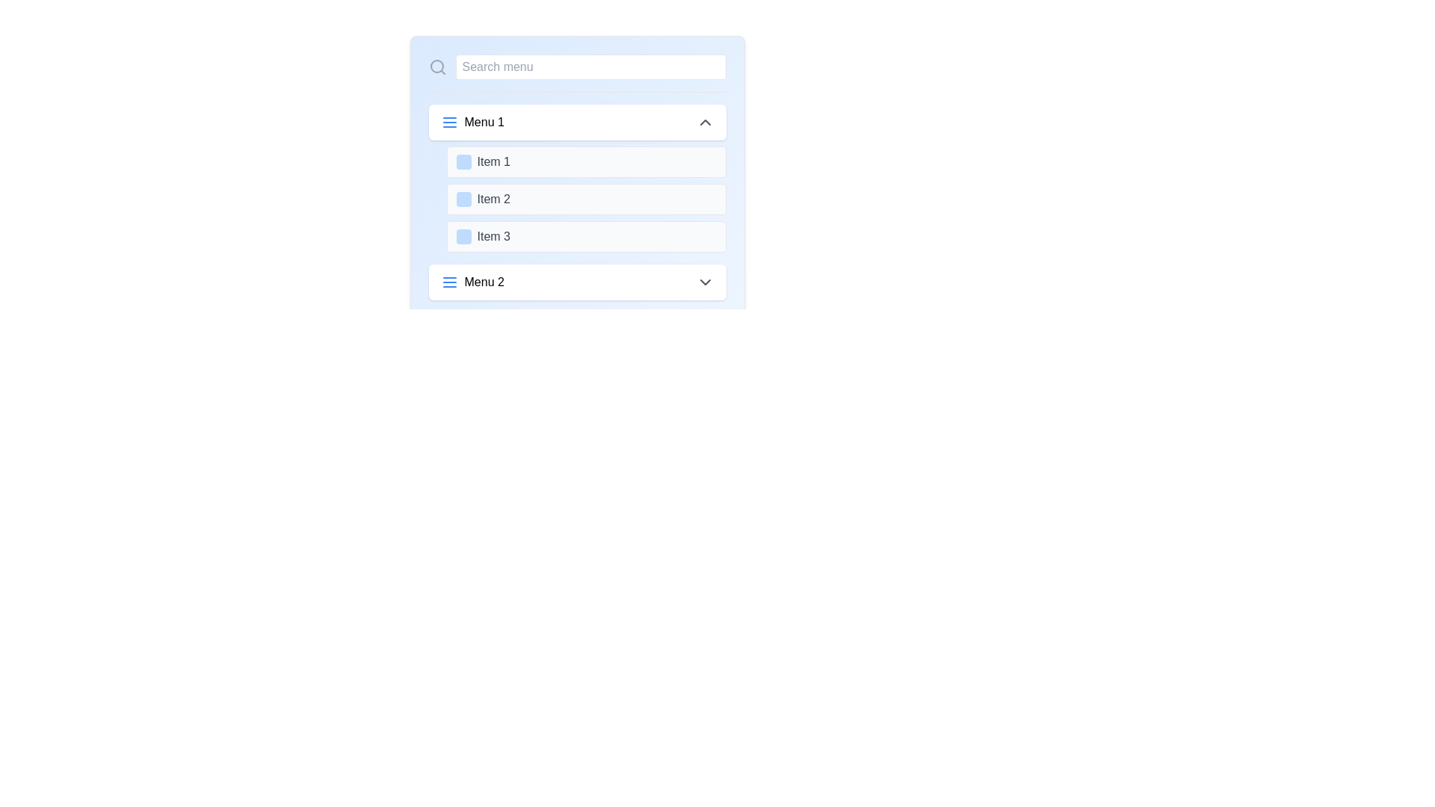 Image resolution: width=1435 pixels, height=807 pixels. I want to click on the Dropdown indicator icon located at the far right of the 'Menu 2' item, which indicates the presence of a dropdown or submenu, so click(704, 282).